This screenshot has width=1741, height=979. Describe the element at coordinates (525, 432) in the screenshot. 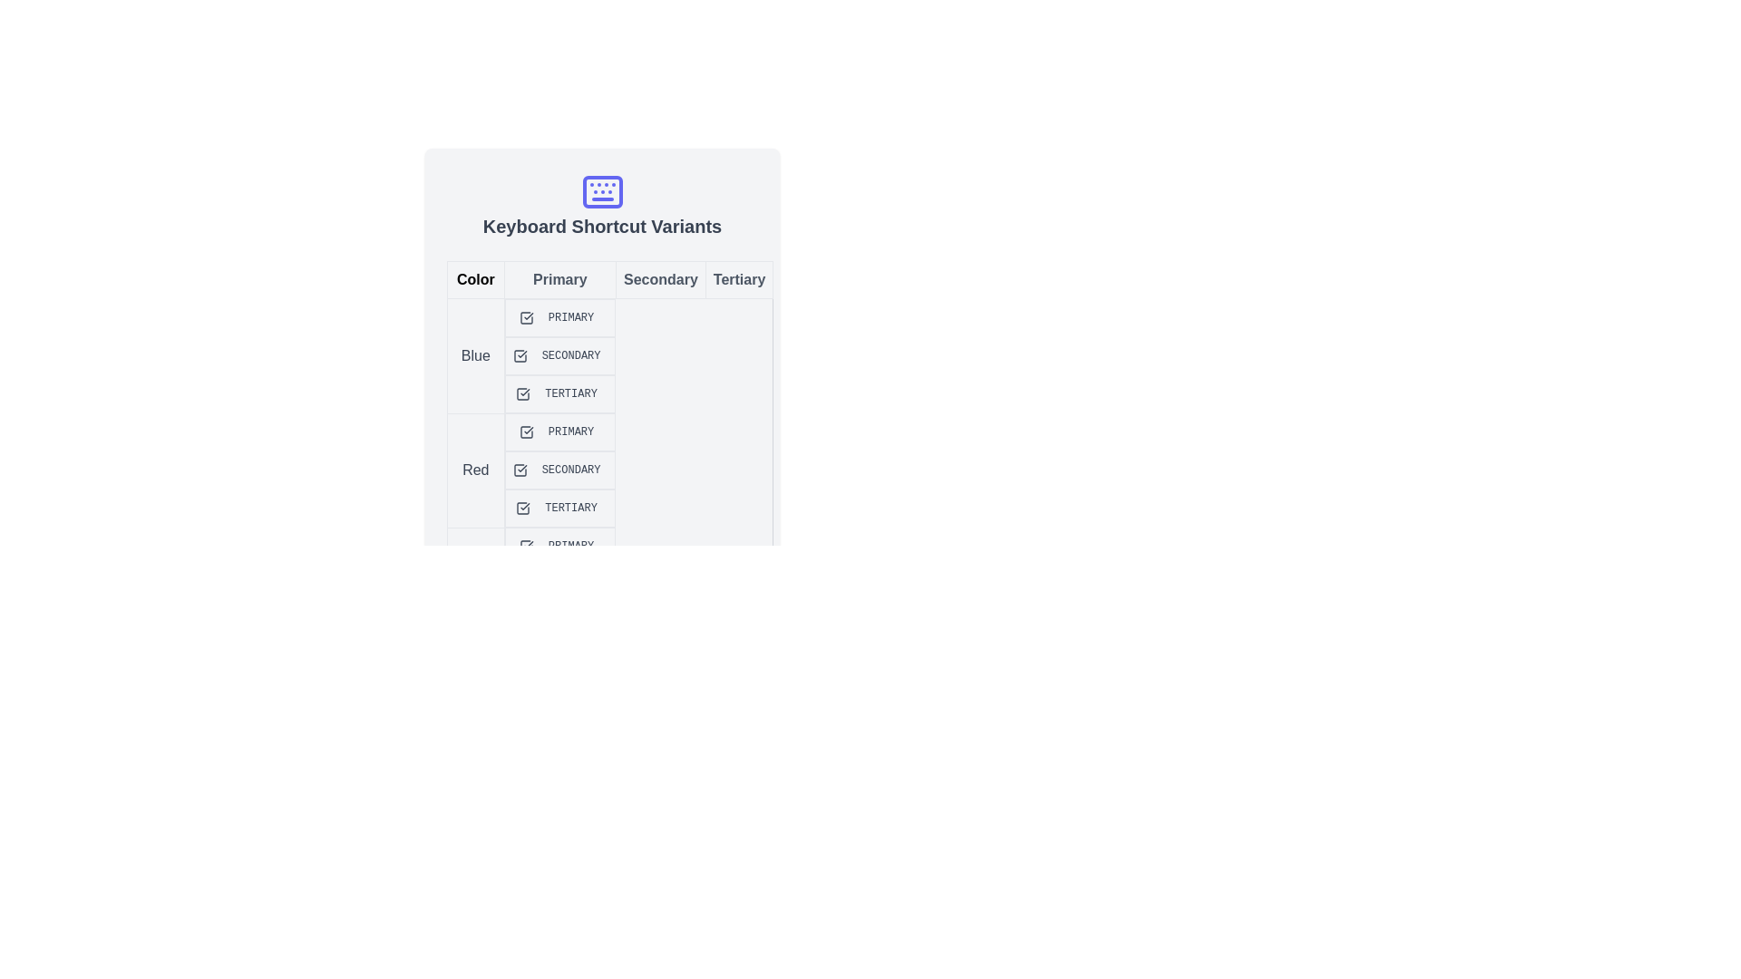

I see `the small red checkmark icon located in the second row of the table, adjacent to the text 'Primary', which indicates its active state` at that location.